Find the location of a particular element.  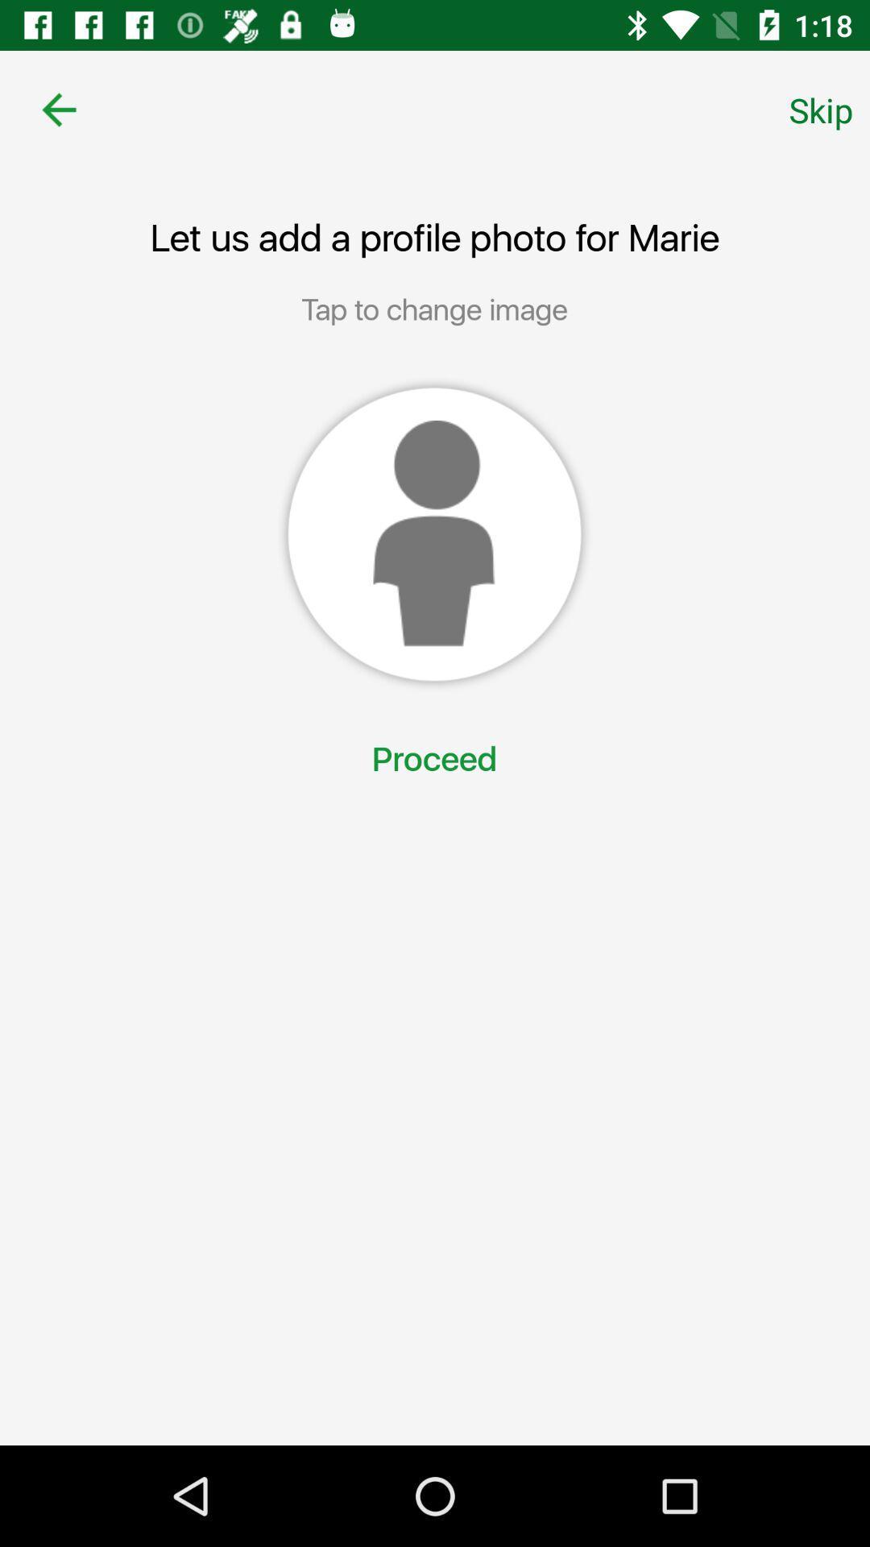

item above the proceed is located at coordinates (433, 534).